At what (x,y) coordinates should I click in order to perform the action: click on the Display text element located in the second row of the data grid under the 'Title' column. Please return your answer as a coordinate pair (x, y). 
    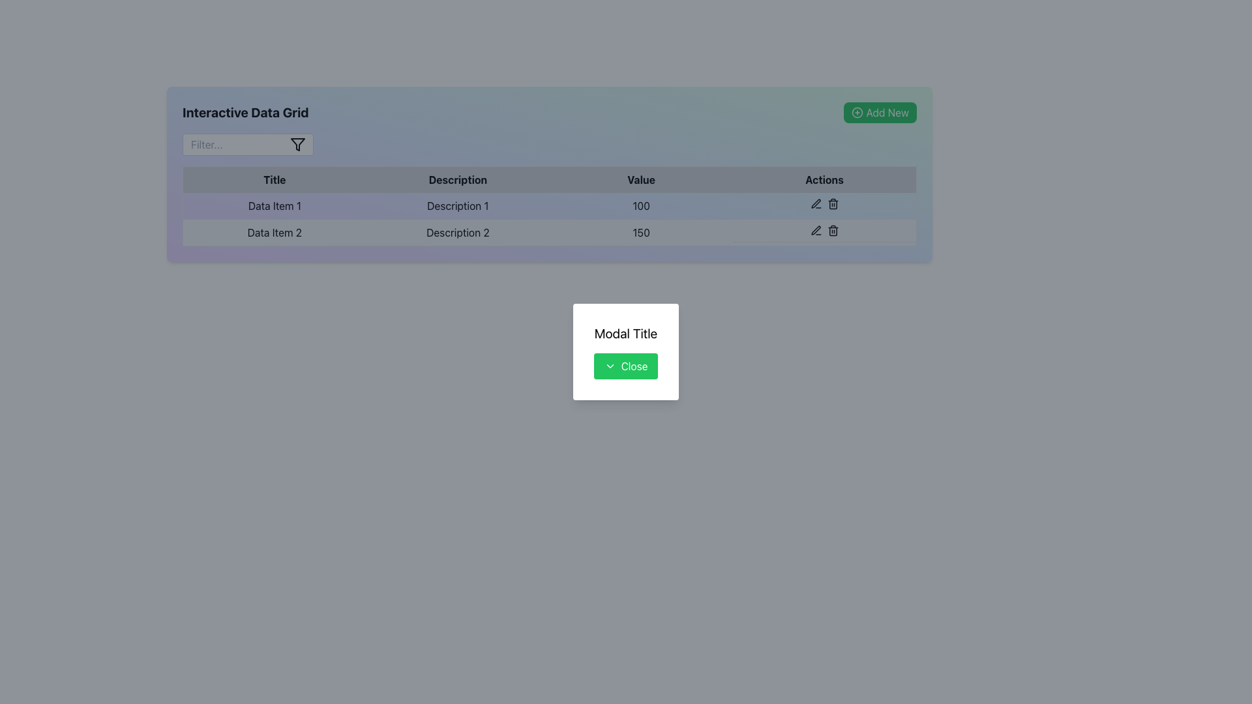
    Looking at the image, I should click on (274, 232).